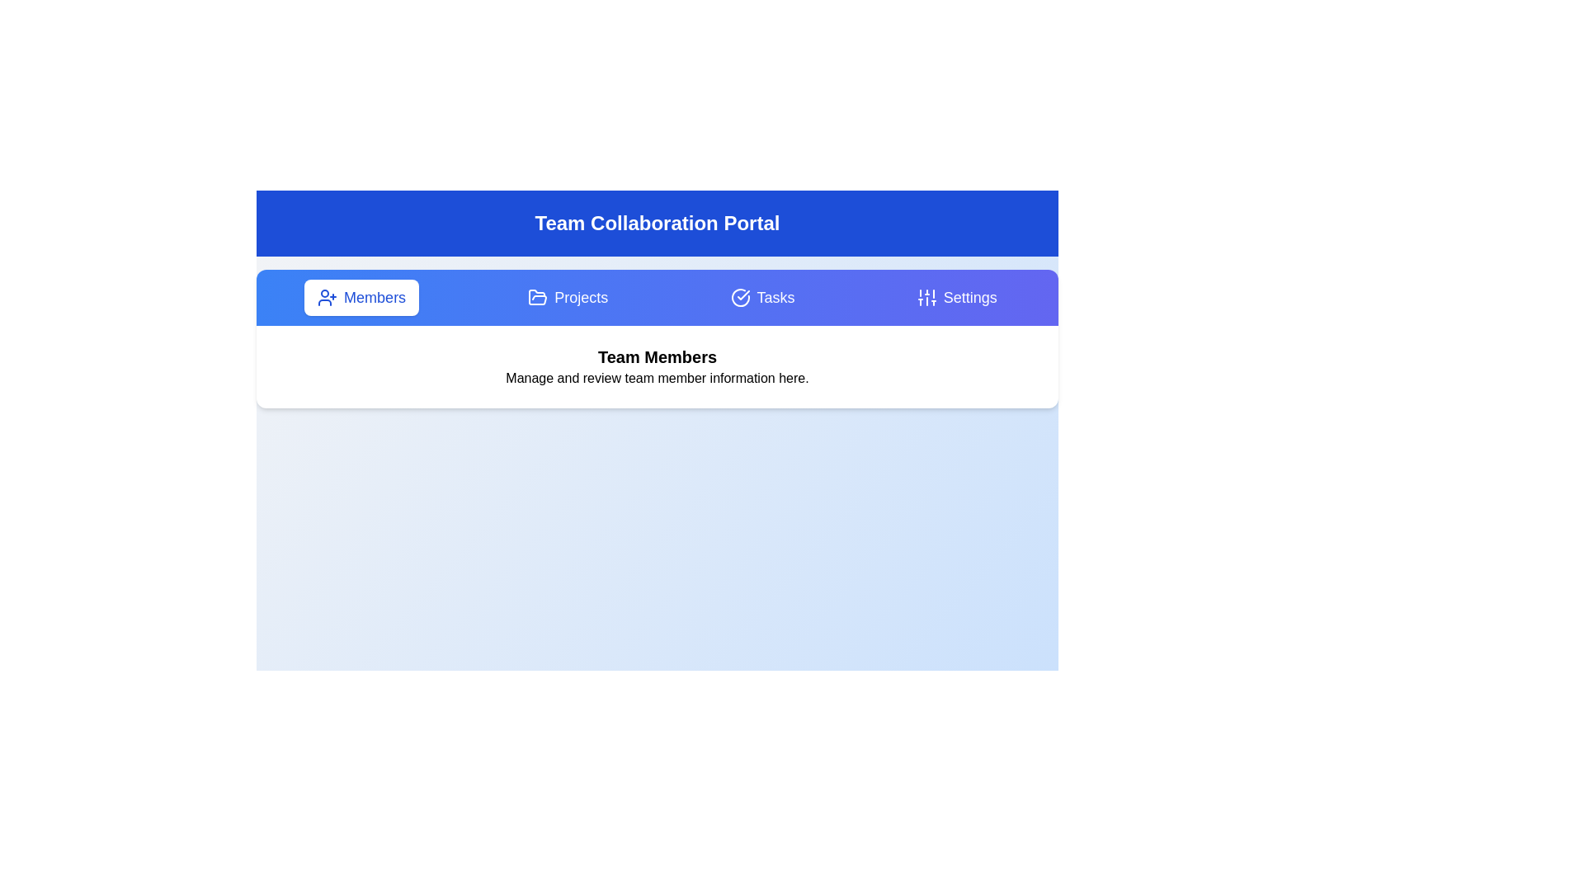 The image size is (1584, 891). Describe the element at coordinates (374, 298) in the screenshot. I see `the 'Members' button in the navigation bar` at that location.